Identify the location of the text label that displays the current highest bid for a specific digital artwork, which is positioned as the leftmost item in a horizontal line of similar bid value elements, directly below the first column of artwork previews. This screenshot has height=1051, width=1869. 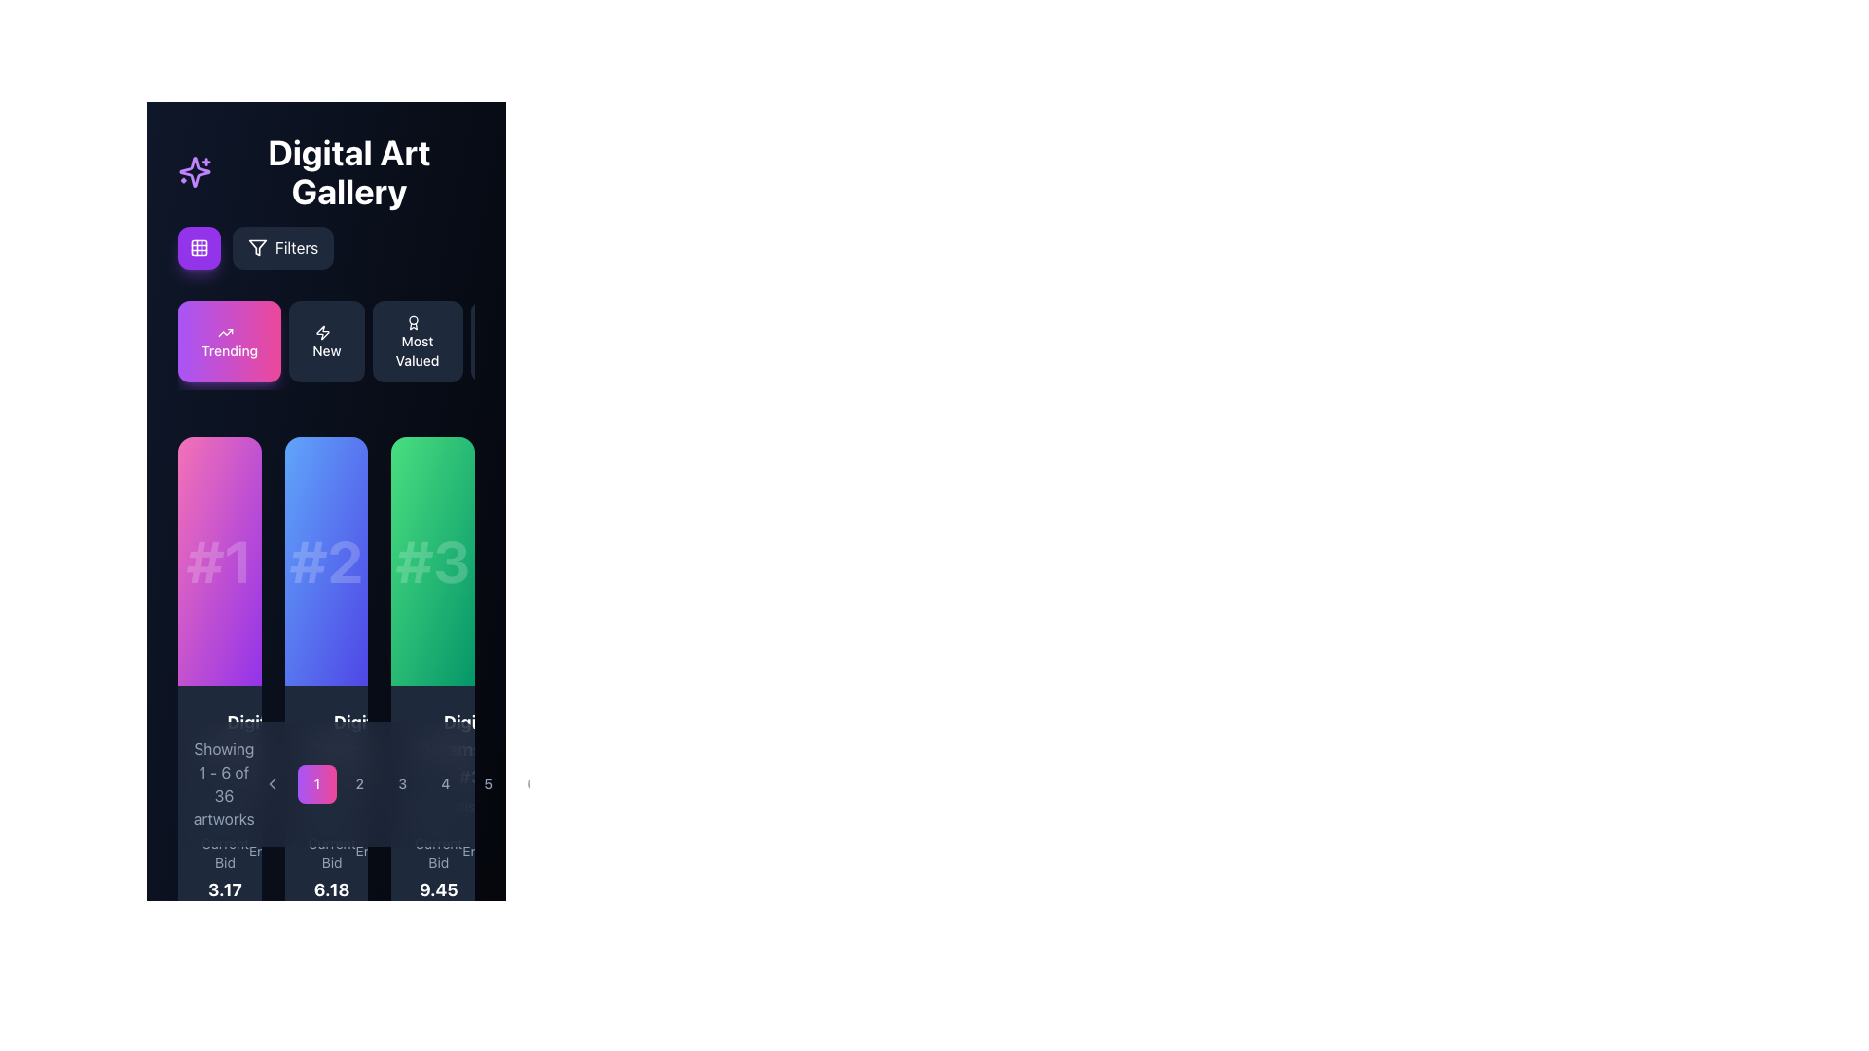
(225, 882).